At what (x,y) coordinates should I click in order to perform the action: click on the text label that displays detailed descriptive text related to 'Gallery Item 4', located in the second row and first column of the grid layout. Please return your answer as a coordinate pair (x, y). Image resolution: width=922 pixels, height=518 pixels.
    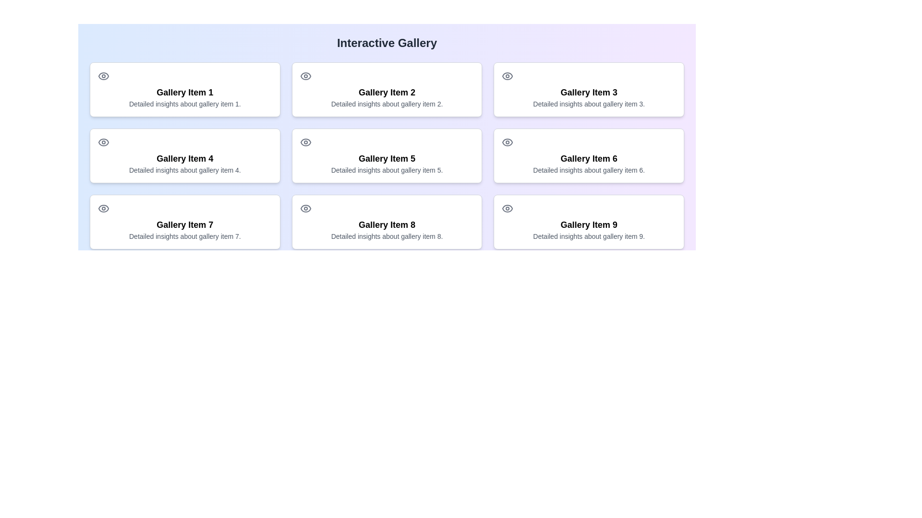
    Looking at the image, I should click on (185, 169).